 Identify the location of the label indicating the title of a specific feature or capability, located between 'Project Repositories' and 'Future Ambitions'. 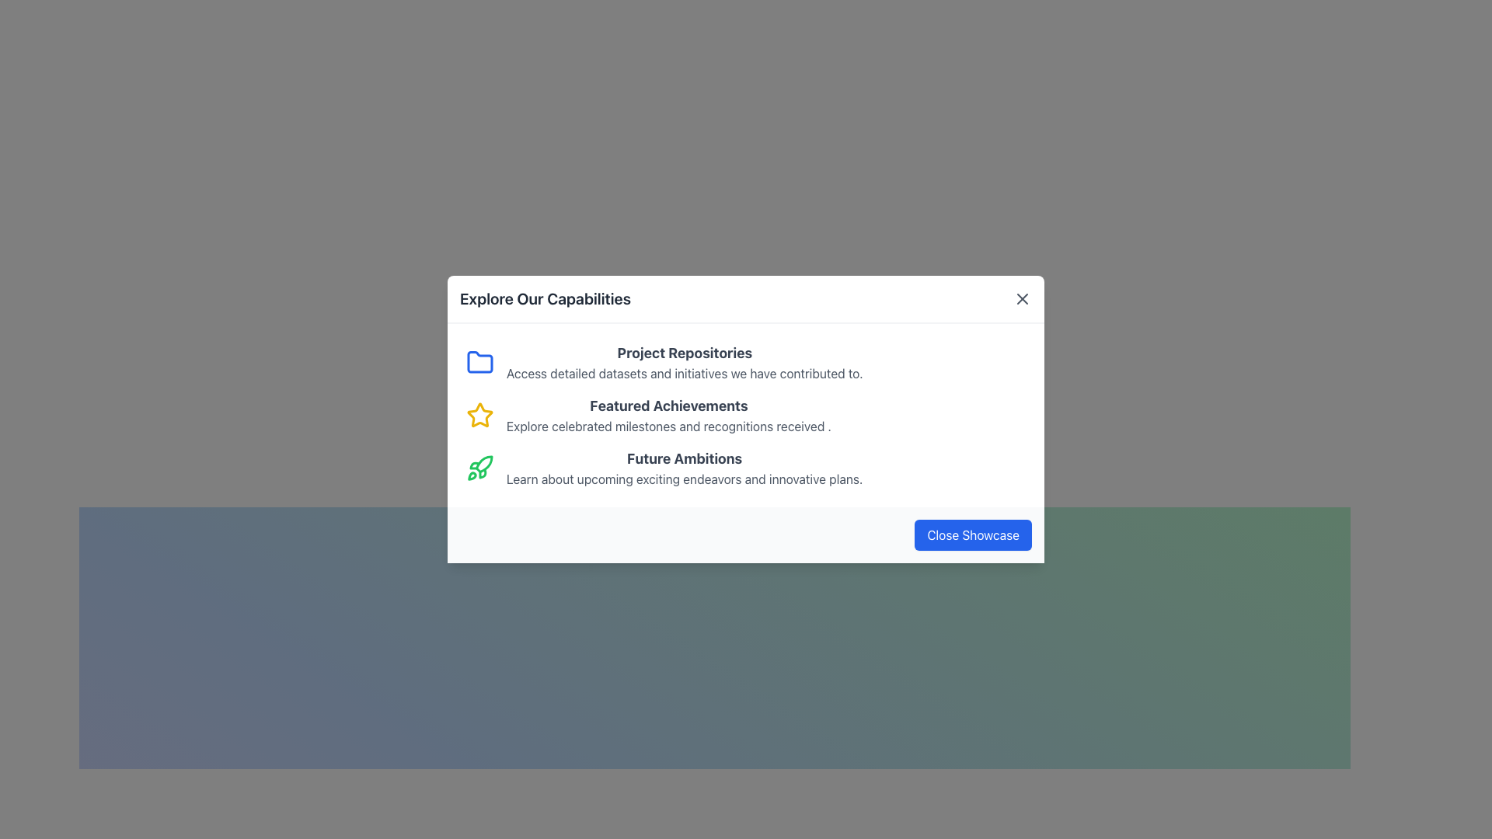
(668, 406).